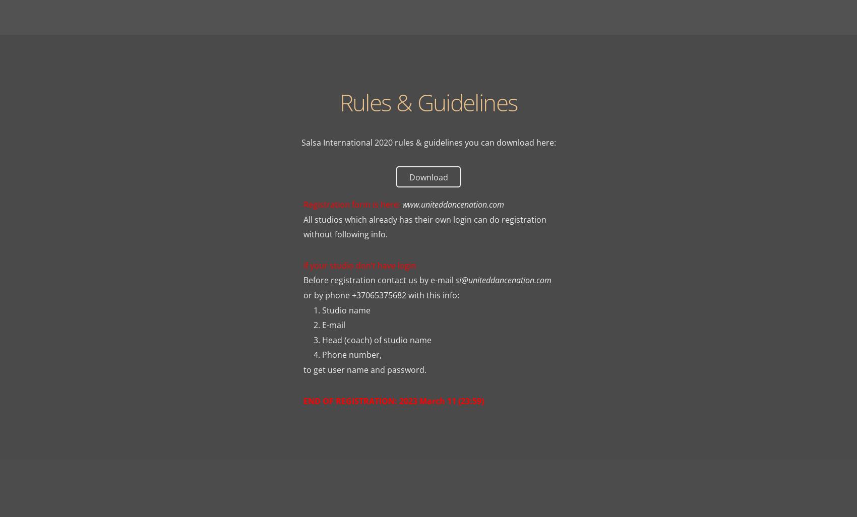  I want to click on 'END OF REGISTRATION: 2023 March 11 (23:59)', so click(392, 400).